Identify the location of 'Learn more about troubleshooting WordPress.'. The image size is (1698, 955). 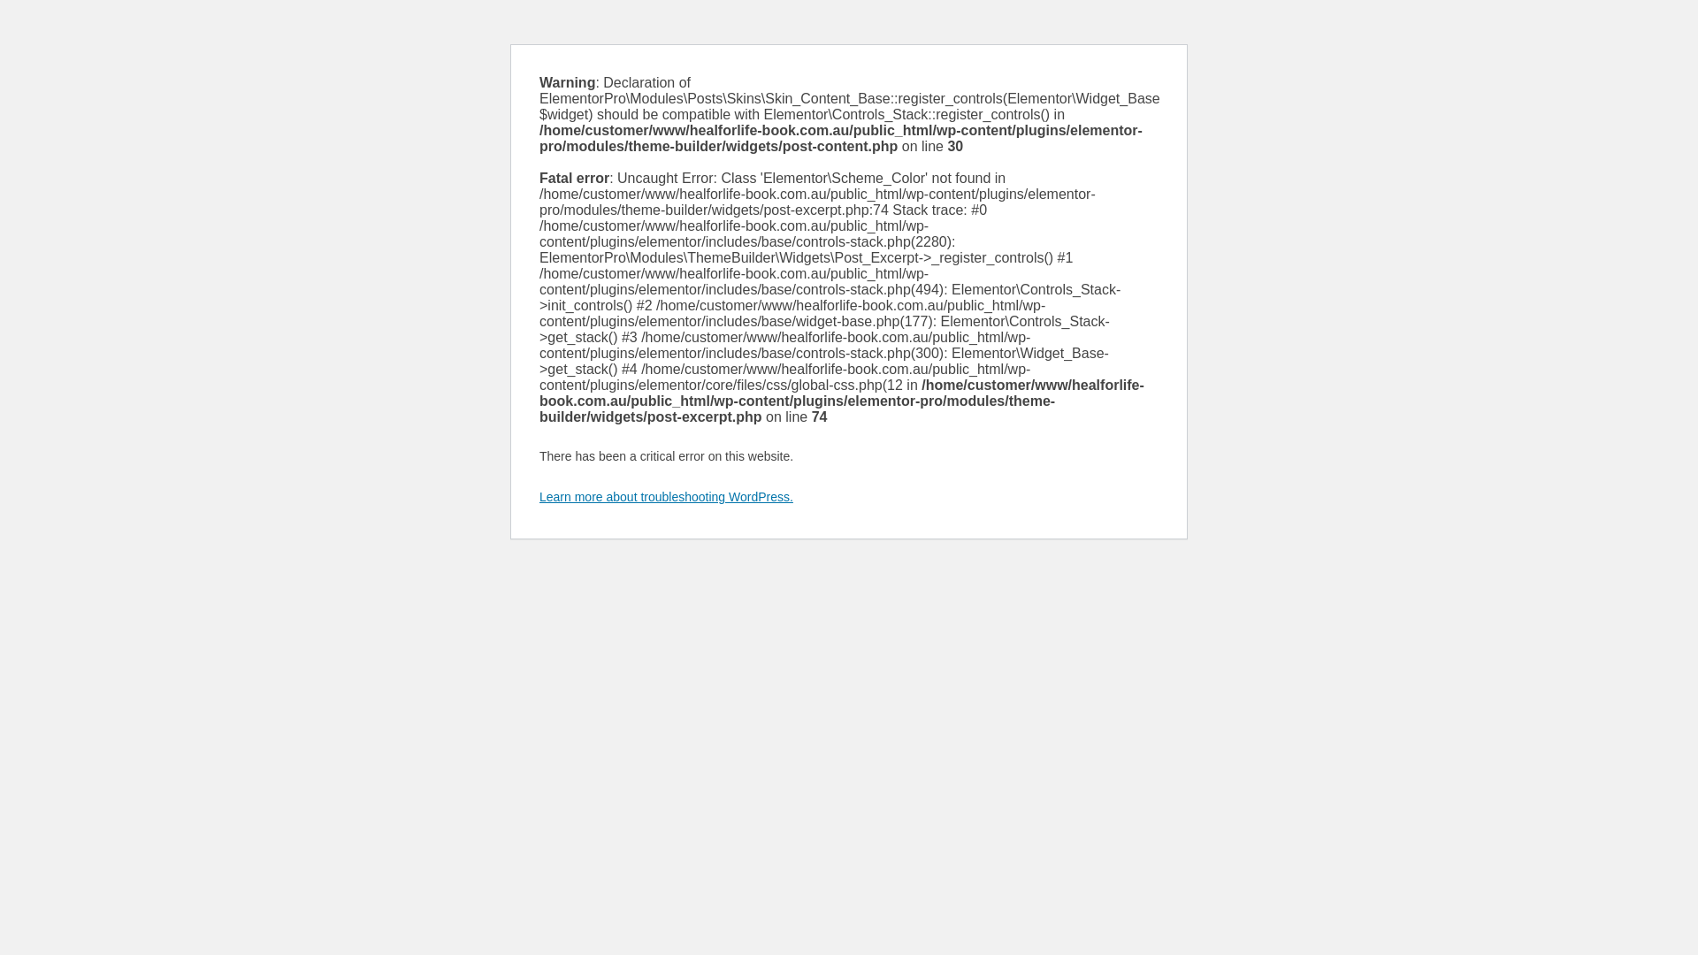
(665, 497).